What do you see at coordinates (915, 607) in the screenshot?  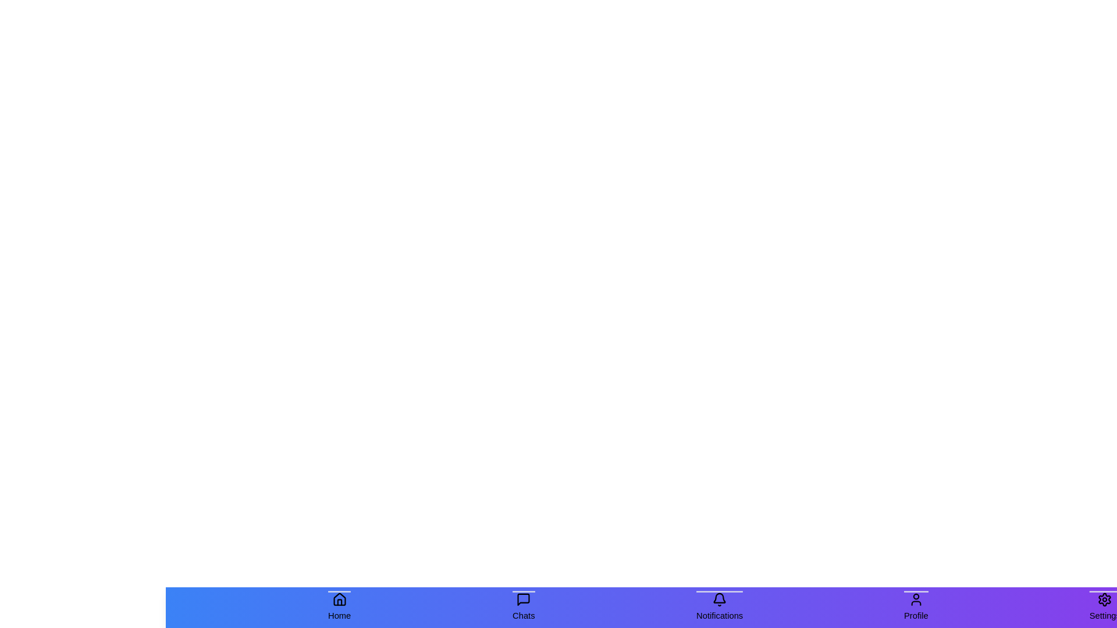 I see `the Profile tab in the bottom navigation bar` at bounding box center [915, 607].